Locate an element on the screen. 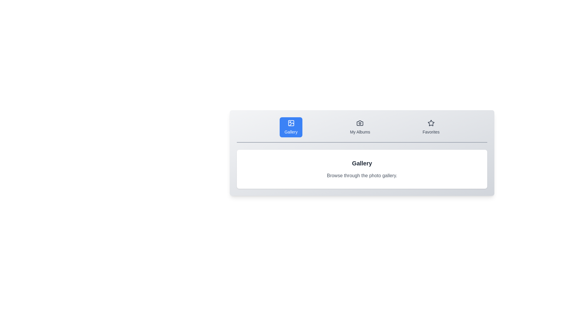 The image size is (567, 319). the Favorites tab to view its content is located at coordinates (431, 127).